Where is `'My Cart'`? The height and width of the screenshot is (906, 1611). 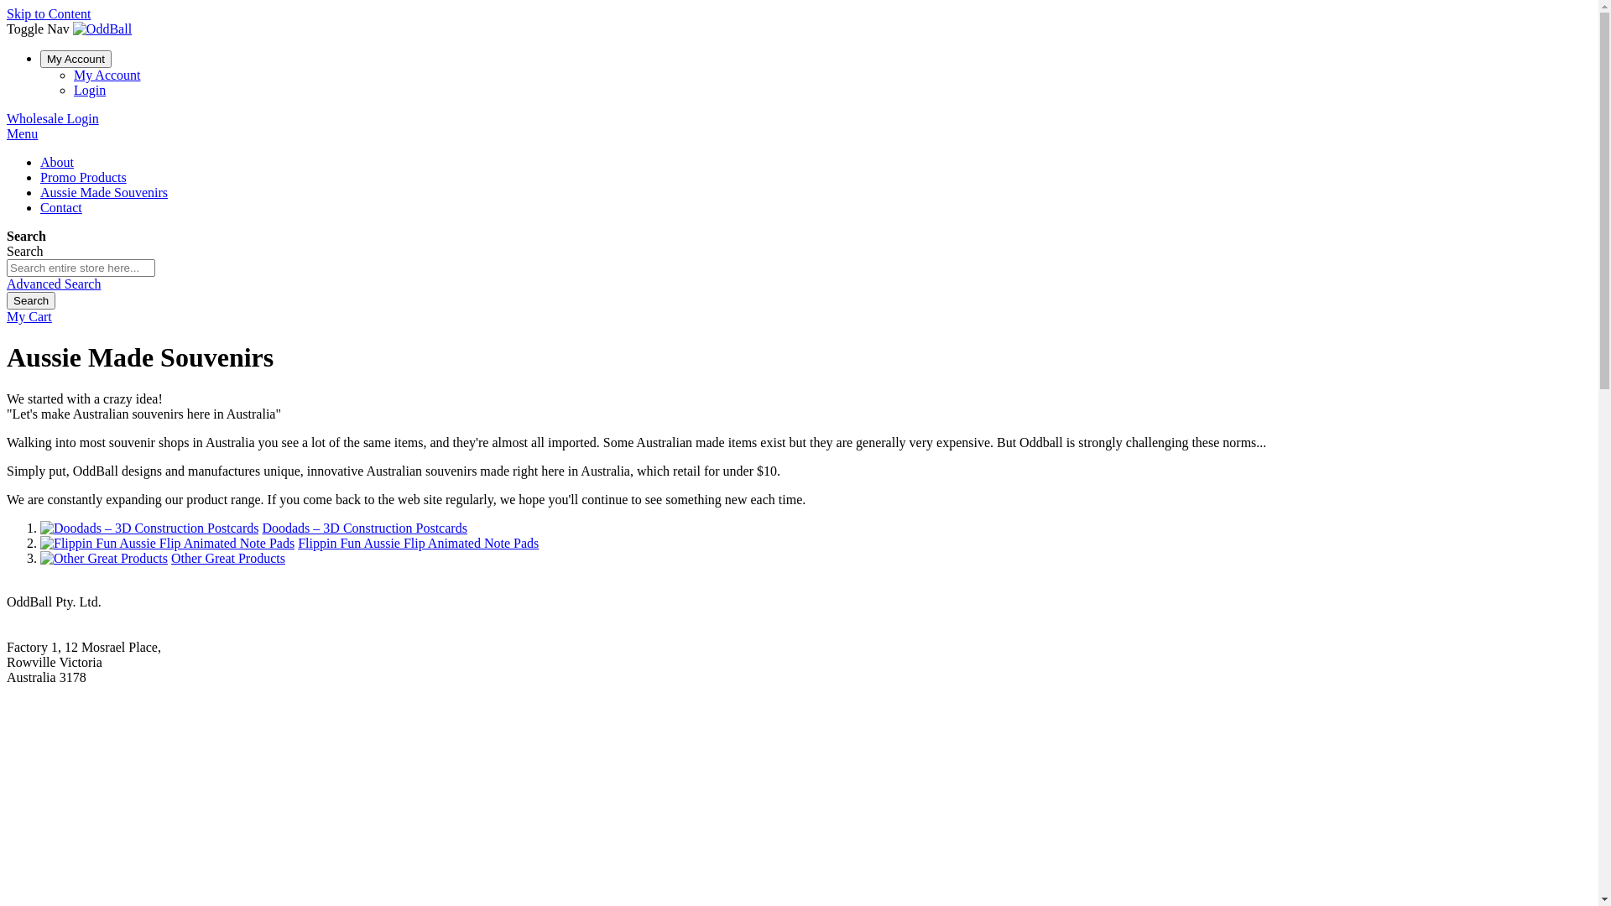 'My Cart' is located at coordinates (29, 316).